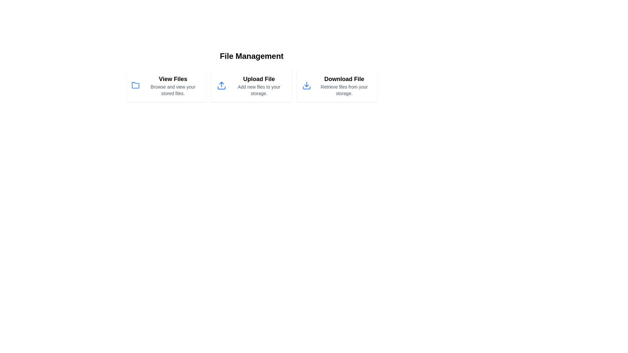 The image size is (628, 353). I want to click on the folder icon located in the 'View Files' section, which is identified by its blue outline and its position next to the text 'View Files', so click(135, 85).